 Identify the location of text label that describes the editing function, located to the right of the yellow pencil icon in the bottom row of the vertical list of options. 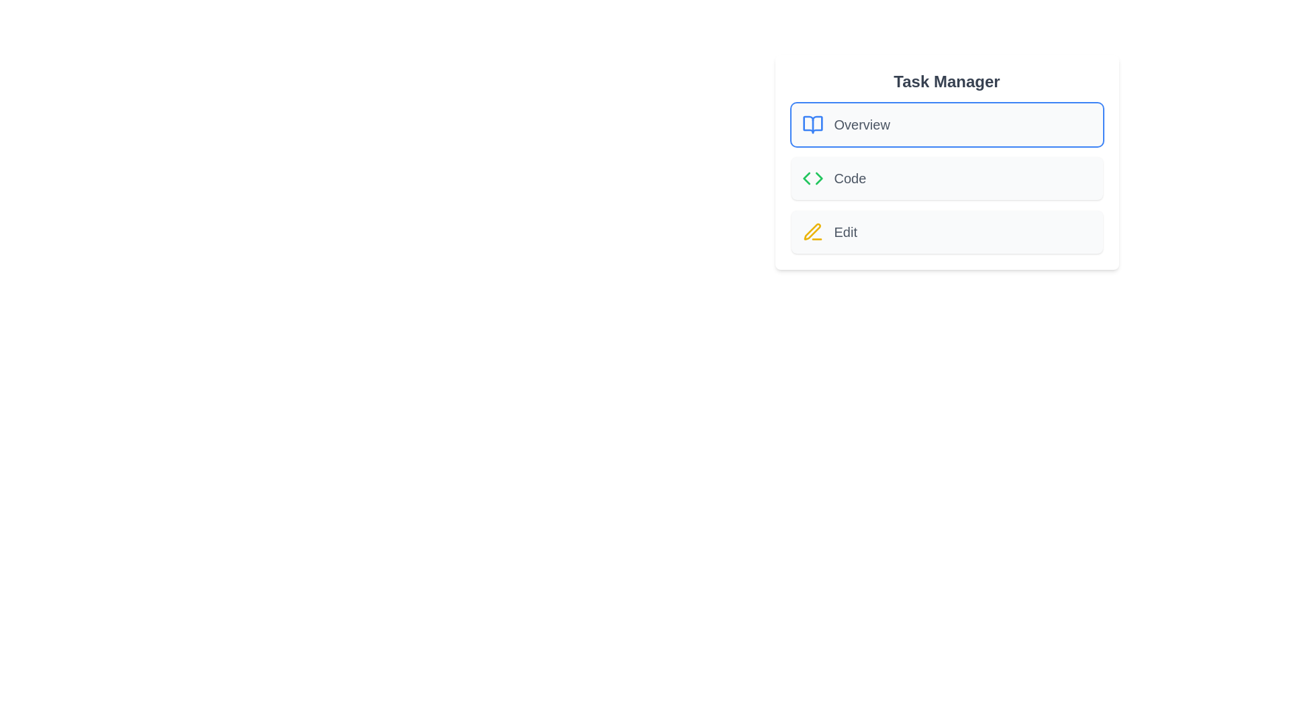
(845, 232).